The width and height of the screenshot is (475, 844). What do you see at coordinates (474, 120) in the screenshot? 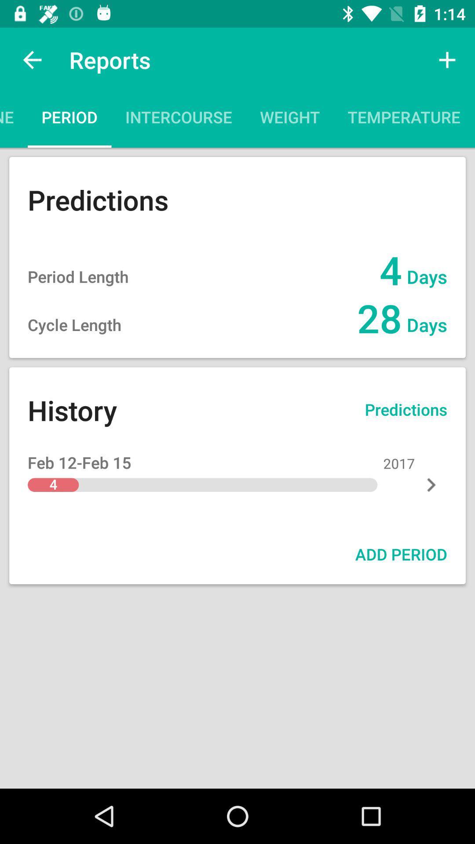
I see `the icon next to temperature icon` at bounding box center [474, 120].